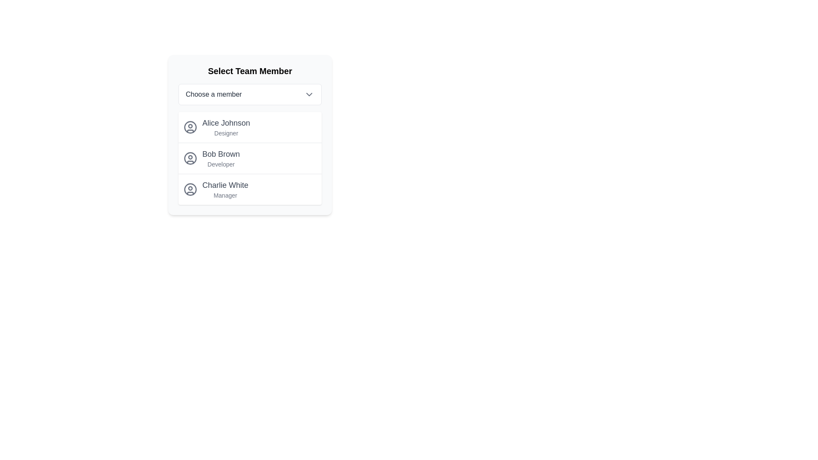  Describe the element at coordinates (226, 133) in the screenshot. I see `the text label displaying the role or designation of the team member, located within the modal dialog titled 'Select Team Member', directly below 'Alice Johnson'` at that location.